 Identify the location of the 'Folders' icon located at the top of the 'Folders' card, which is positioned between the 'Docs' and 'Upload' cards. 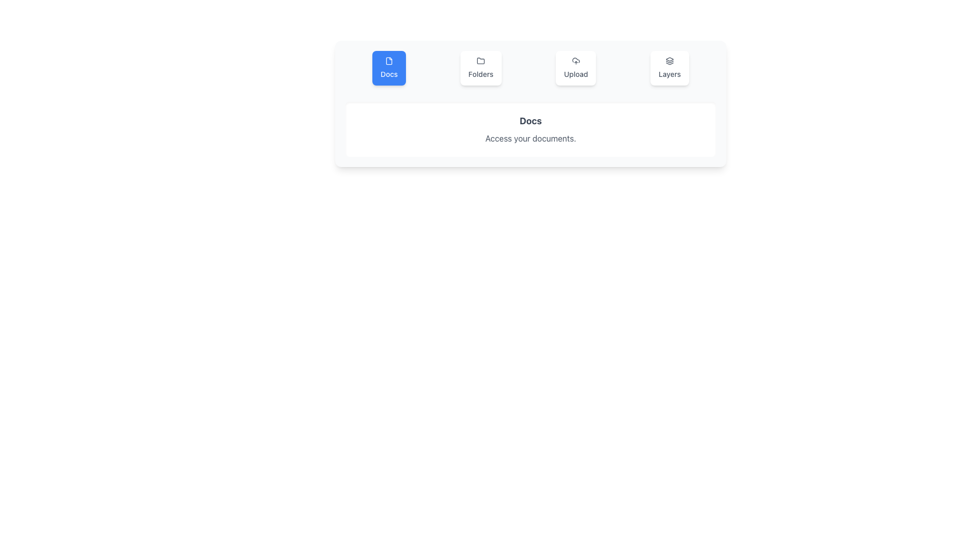
(480, 61).